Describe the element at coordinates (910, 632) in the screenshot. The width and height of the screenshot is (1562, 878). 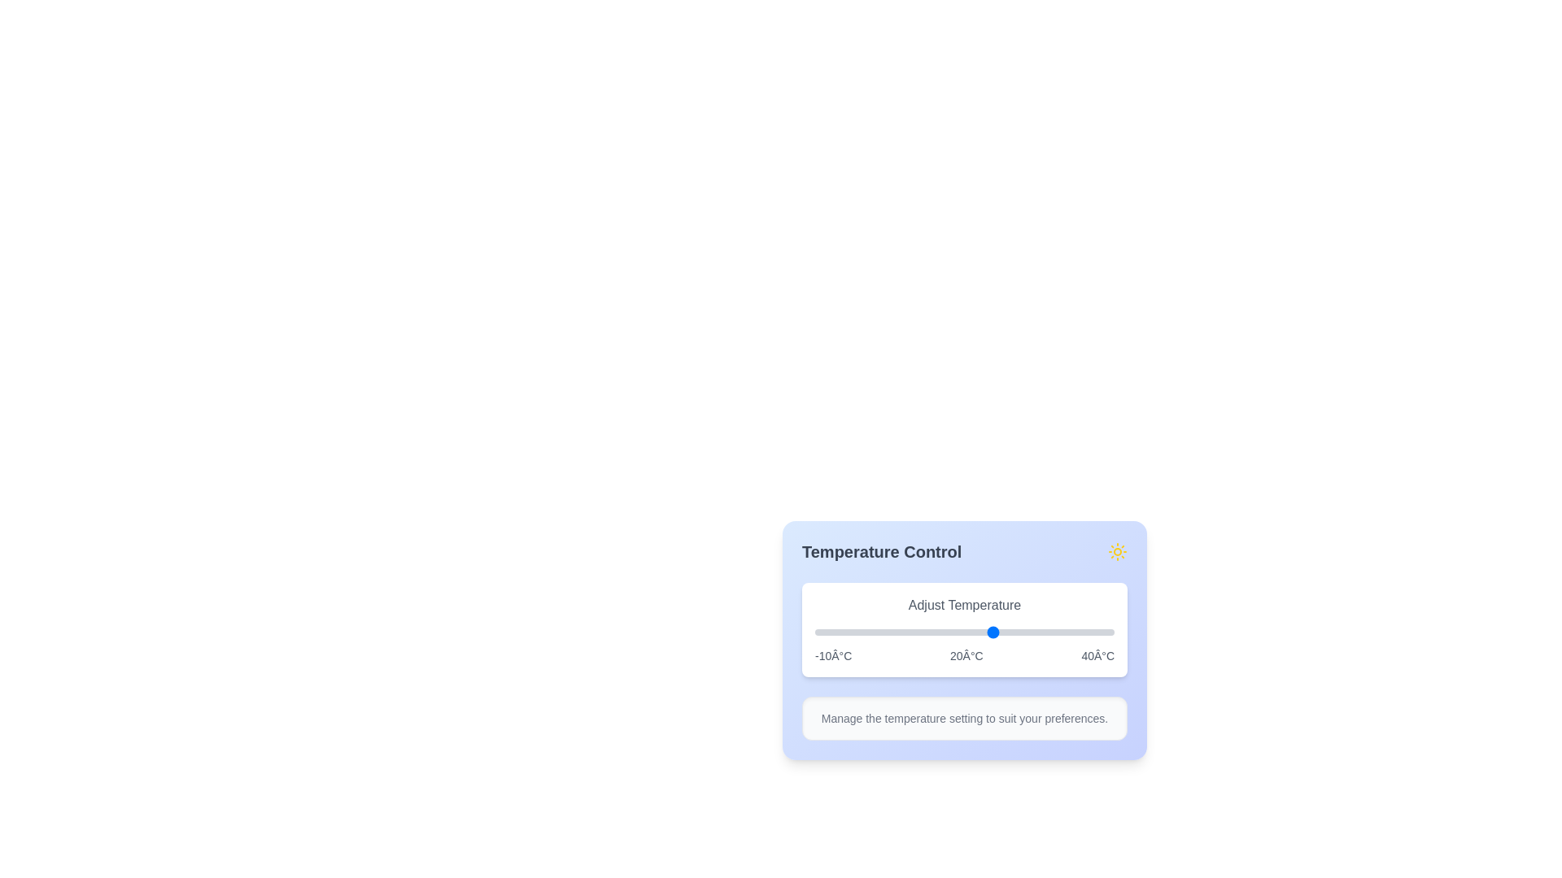
I see `the slider to set the temperature to 6°C` at that location.